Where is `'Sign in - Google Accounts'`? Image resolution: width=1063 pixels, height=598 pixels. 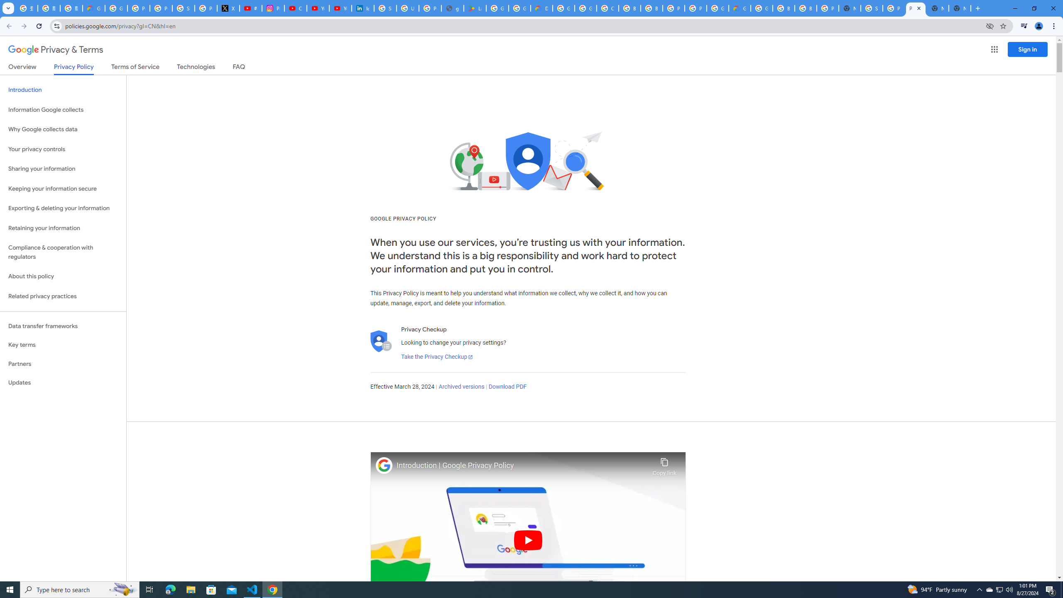
'Sign in - Google Accounts' is located at coordinates (872, 8).